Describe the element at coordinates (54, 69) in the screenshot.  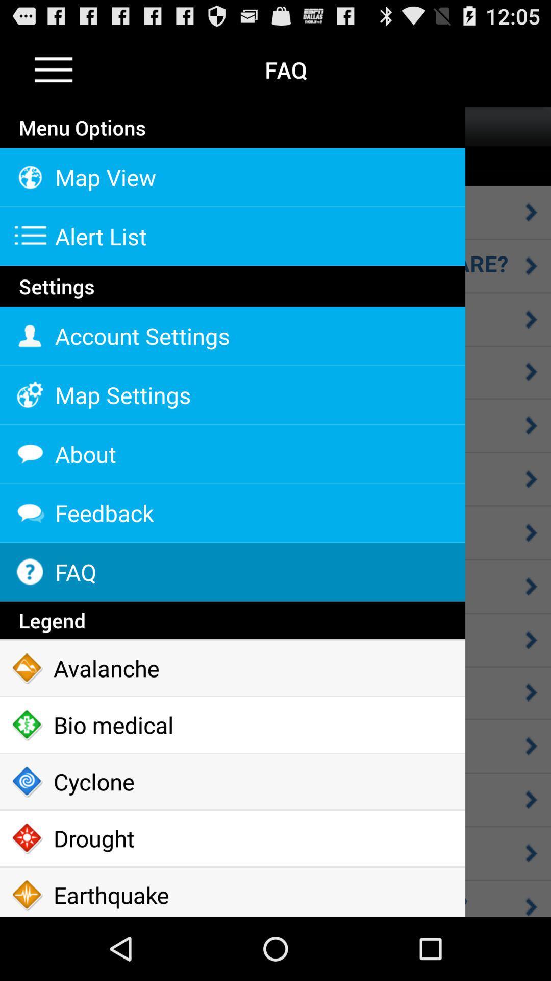
I see `menu options button` at that location.